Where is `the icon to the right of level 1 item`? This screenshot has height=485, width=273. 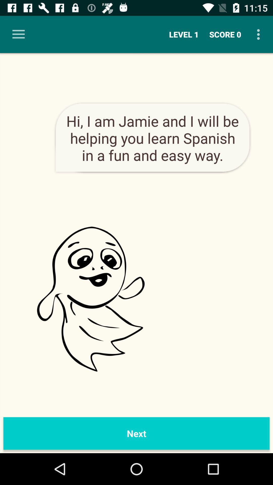 the icon to the right of level 1 item is located at coordinates (225, 34).